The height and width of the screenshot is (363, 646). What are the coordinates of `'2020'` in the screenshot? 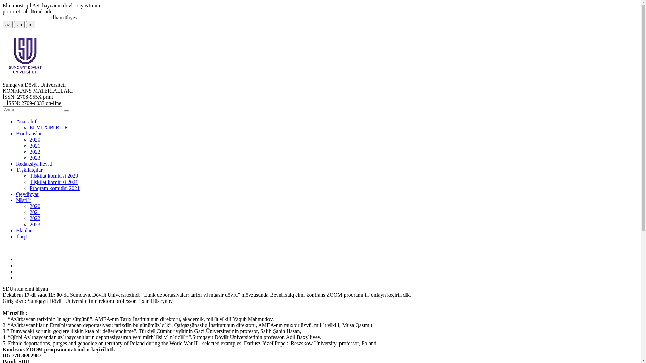 It's located at (35, 139).